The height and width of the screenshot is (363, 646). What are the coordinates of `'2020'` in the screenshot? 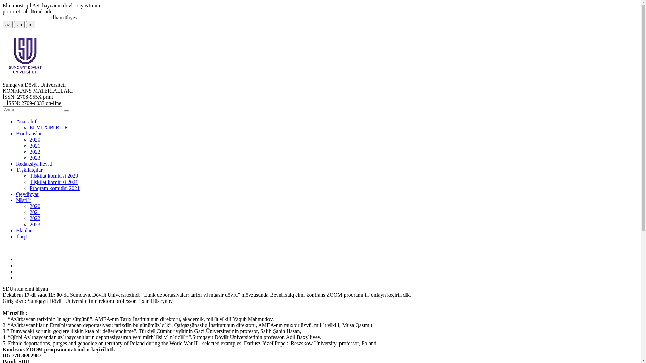 It's located at (35, 139).